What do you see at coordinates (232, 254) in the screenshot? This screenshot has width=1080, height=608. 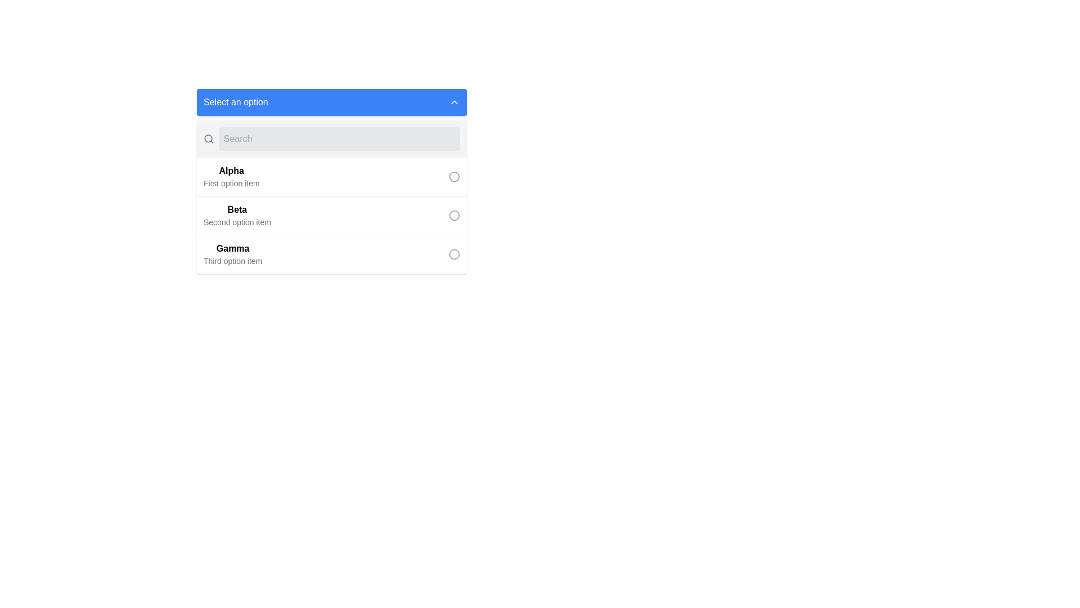 I see `the text label displaying 'Gamma' which is the third item in the vertically arranged list` at bounding box center [232, 254].